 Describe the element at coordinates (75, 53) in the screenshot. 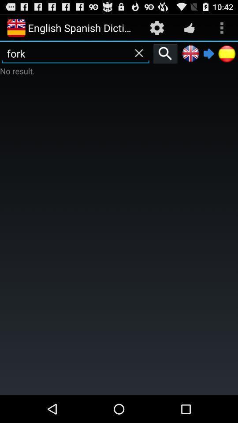

I see `fork item` at that location.